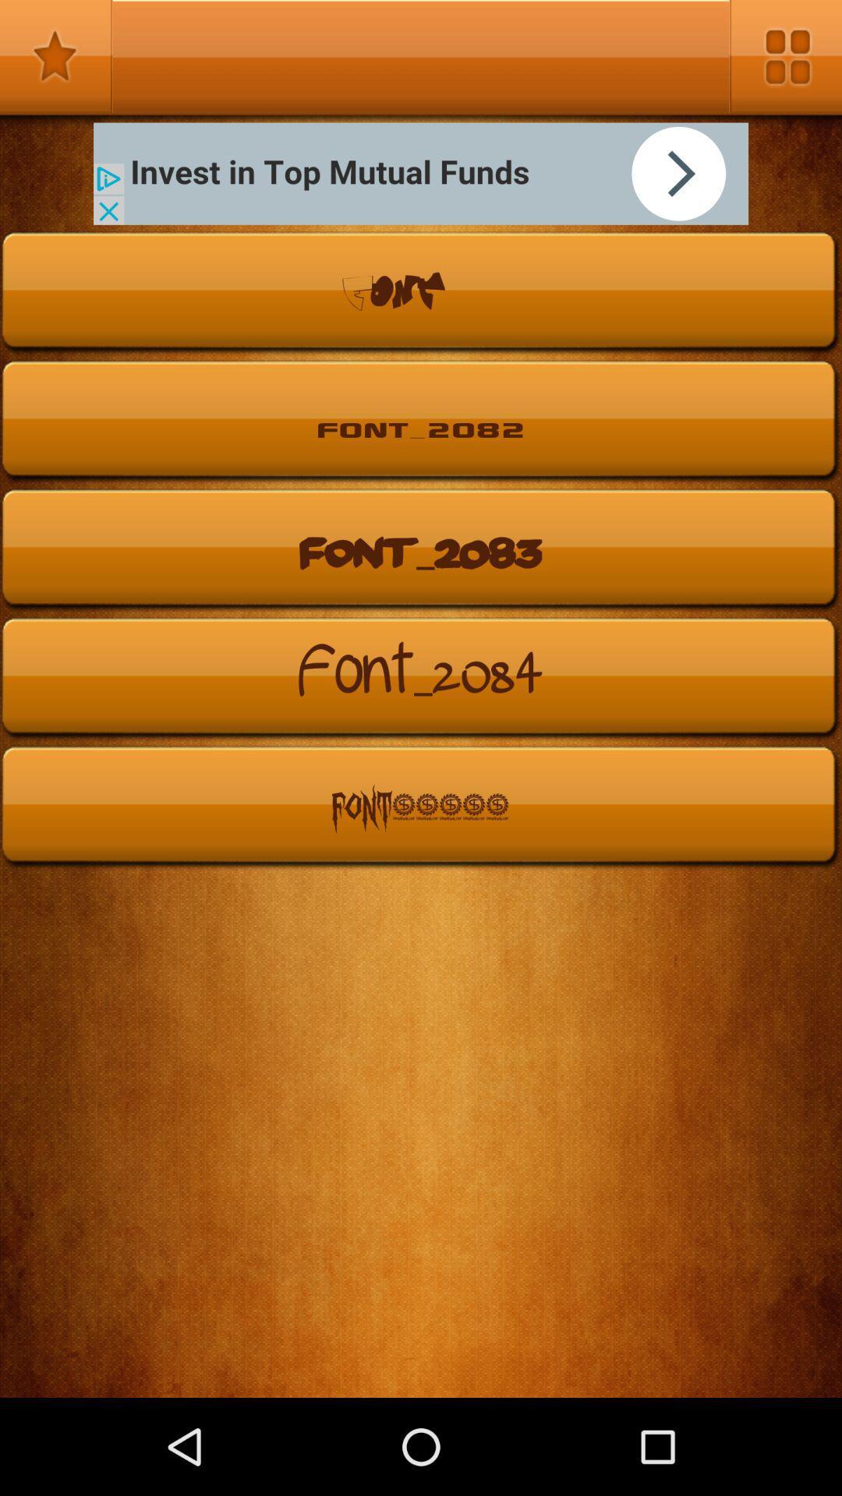 Image resolution: width=842 pixels, height=1496 pixels. I want to click on favorite, so click(55, 56).